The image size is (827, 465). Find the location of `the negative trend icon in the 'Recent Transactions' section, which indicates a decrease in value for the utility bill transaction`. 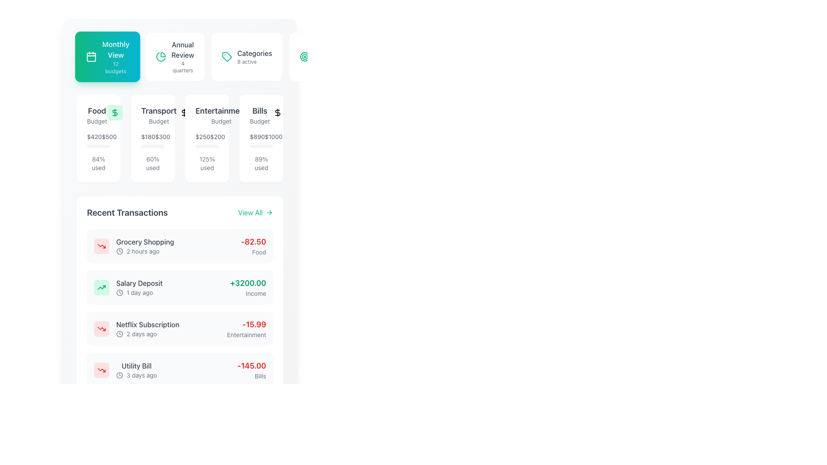

the negative trend icon in the 'Recent Transactions' section, which indicates a decrease in value for the utility bill transaction is located at coordinates (101, 246).